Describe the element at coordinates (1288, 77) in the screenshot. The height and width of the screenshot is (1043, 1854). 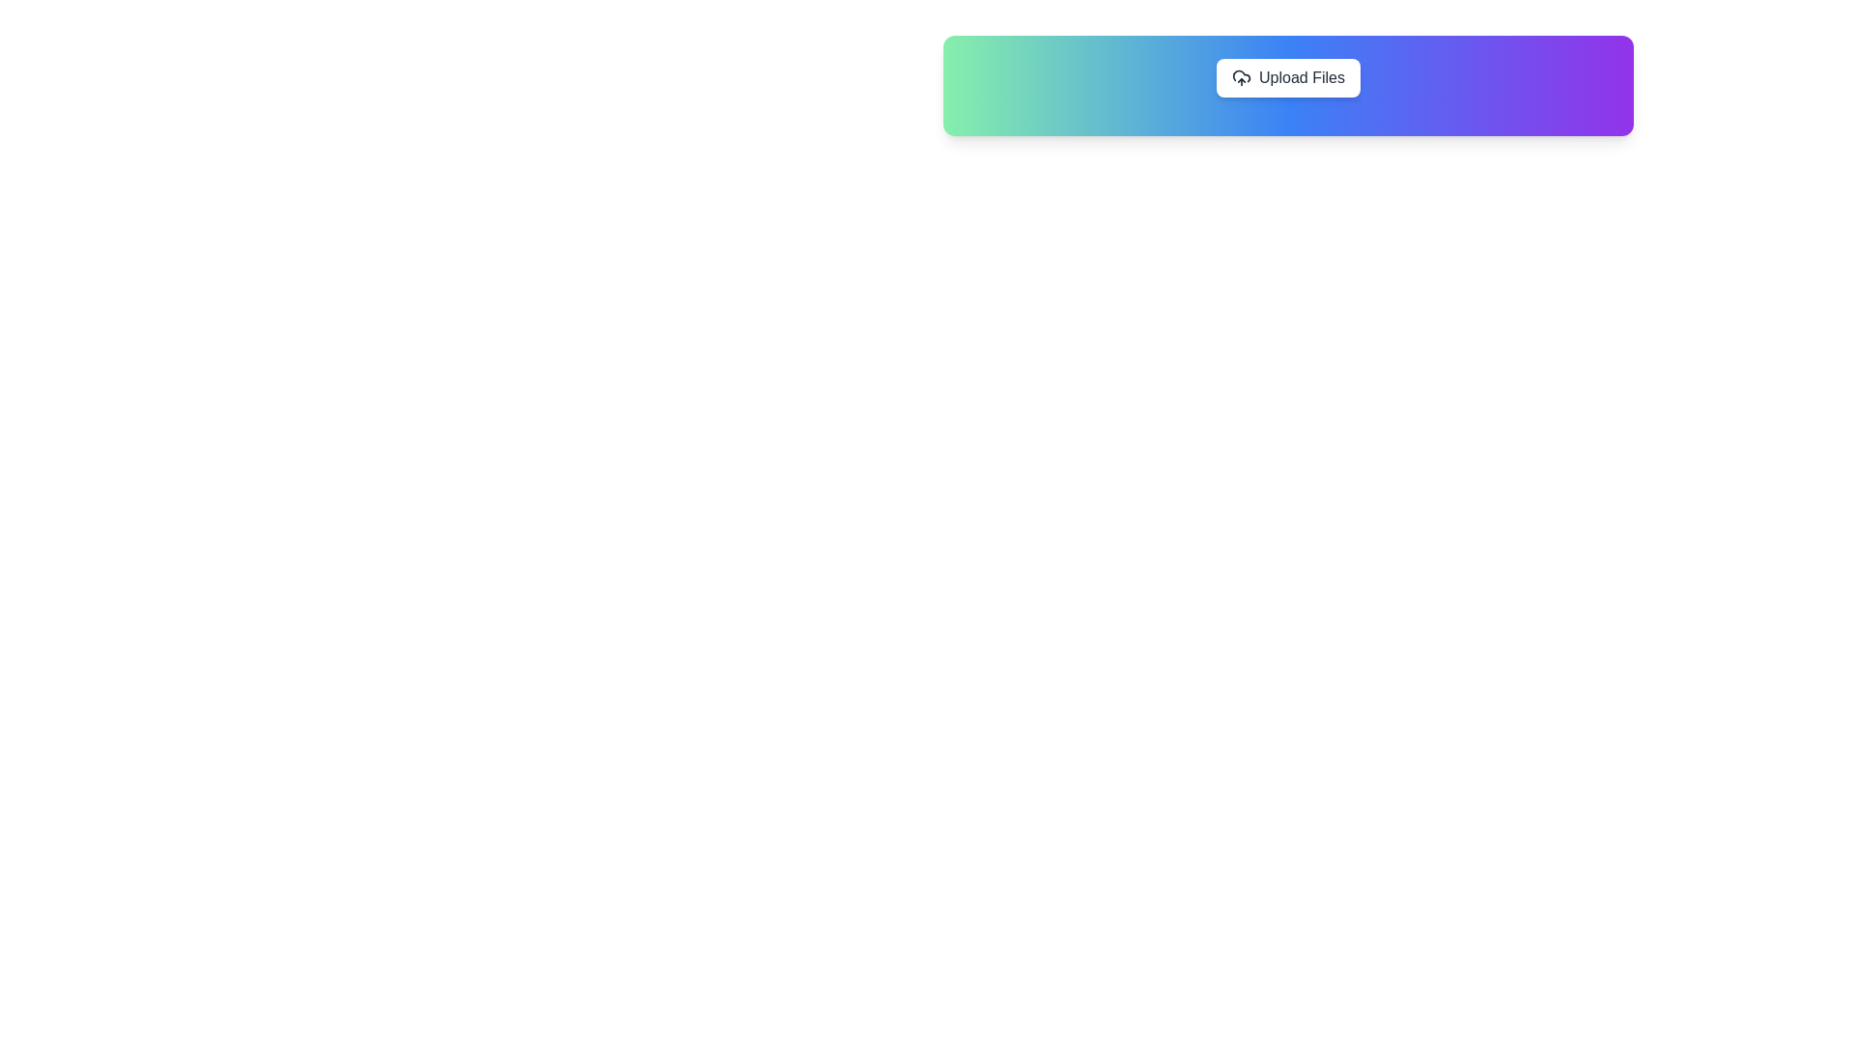
I see `the 'Upload Files' button, which features a cloud icon and gray text on a white background` at that location.